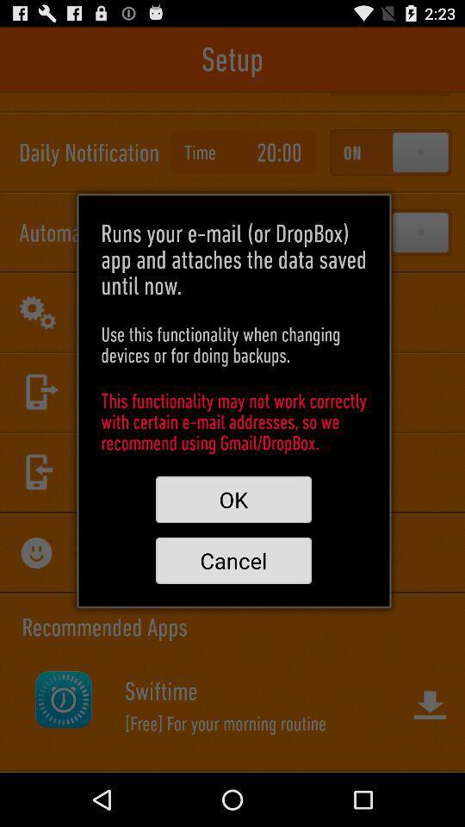 The height and width of the screenshot is (827, 465). What do you see at coordinates (232, 559) in the screenshot?
I see `the button at the bottom` at bounding box center [232, 559].